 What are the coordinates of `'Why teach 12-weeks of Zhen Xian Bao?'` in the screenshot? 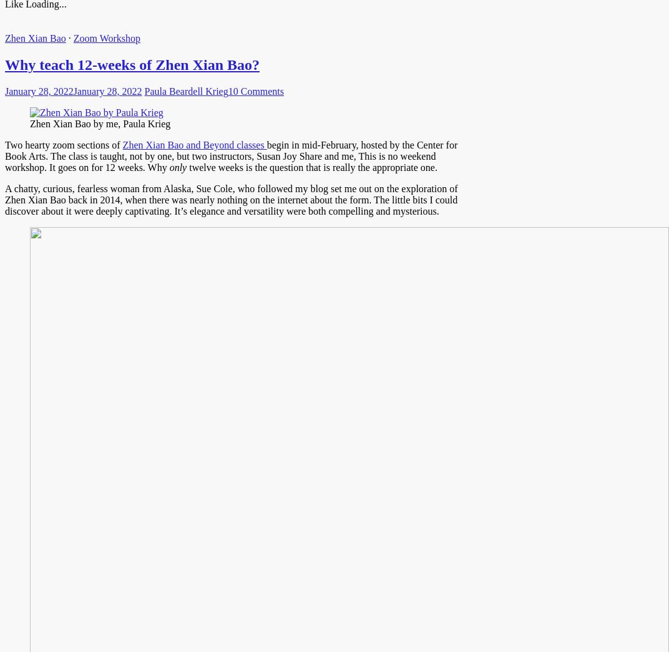 It's located at (132, 64).